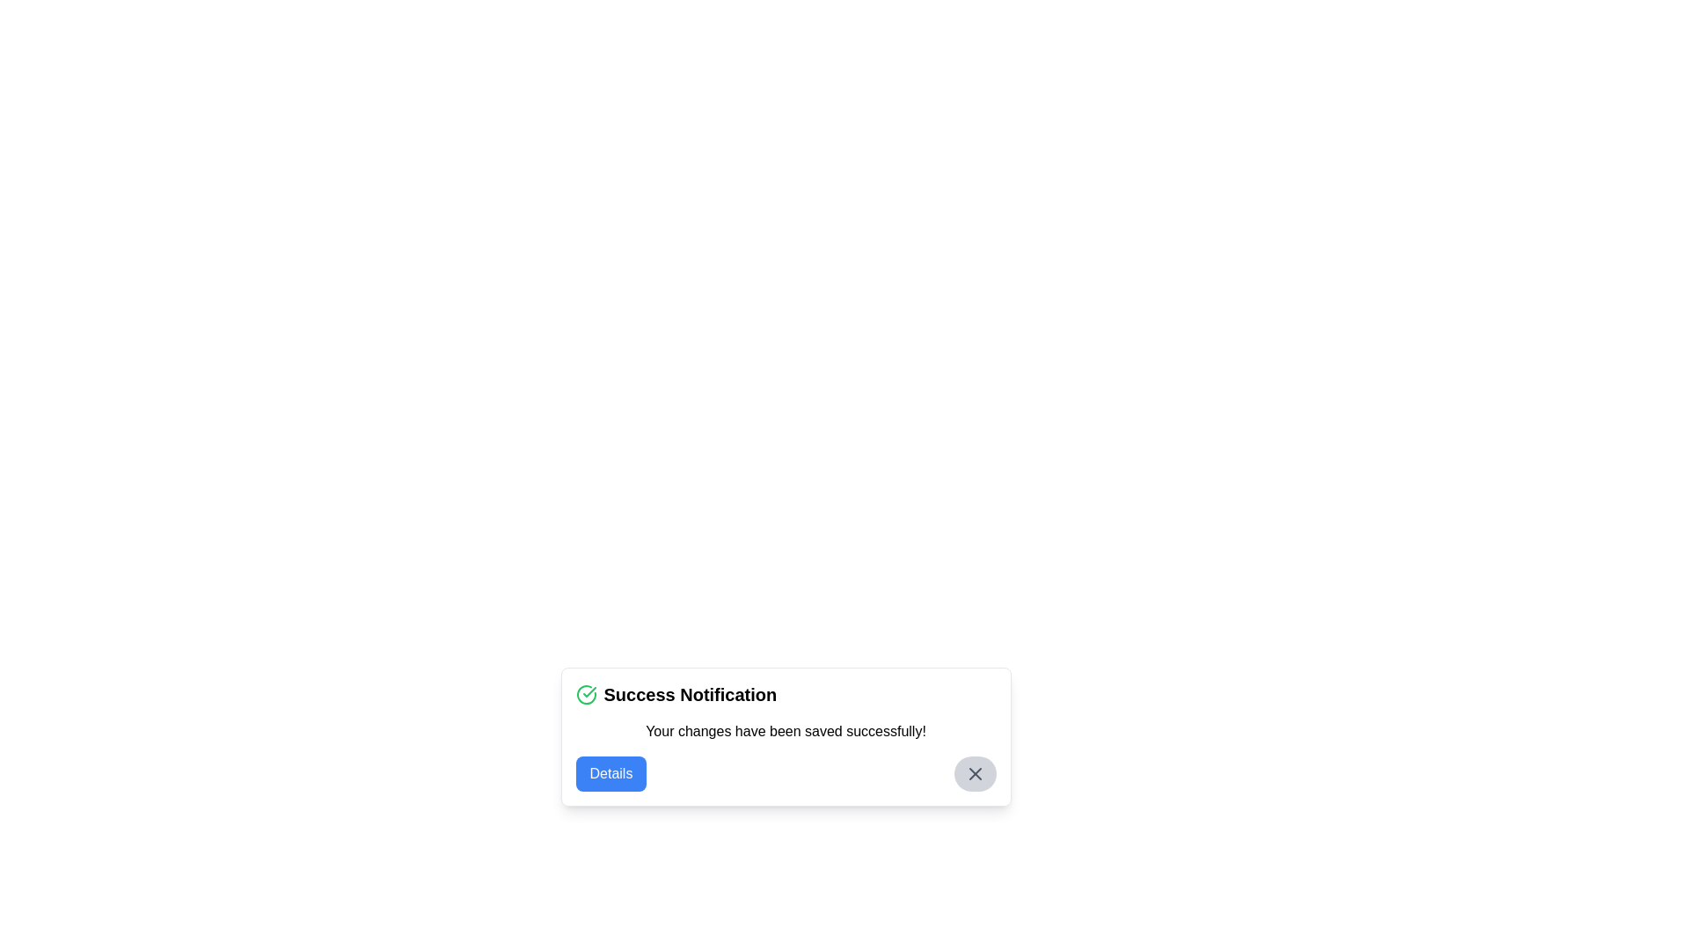 The height and width of the screenshot is (950, 1689). Describe the element at coordinates (974, 772) in the screenshot. I see `the small circular button with a grey background and 'X' icon located in the top-right corner of the notification box` at that location.